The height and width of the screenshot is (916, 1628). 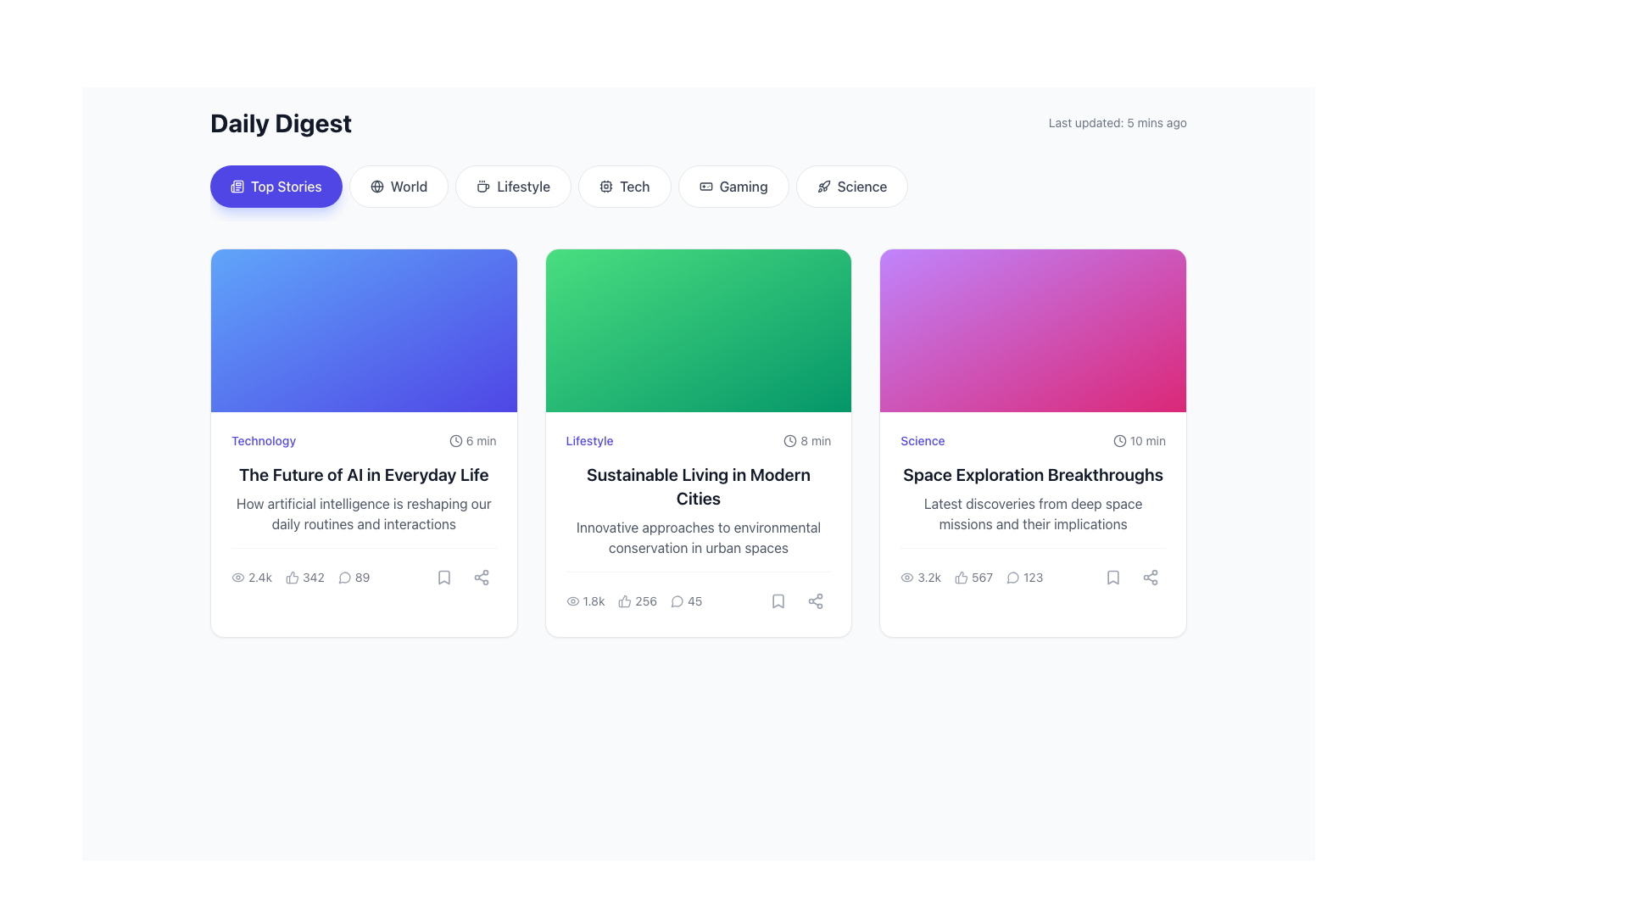 I want to click on the newspaper icon located within the 'Top Stories' button, which has a purple background and rounded edges, as a decorative item, so click(x=236, y=186).